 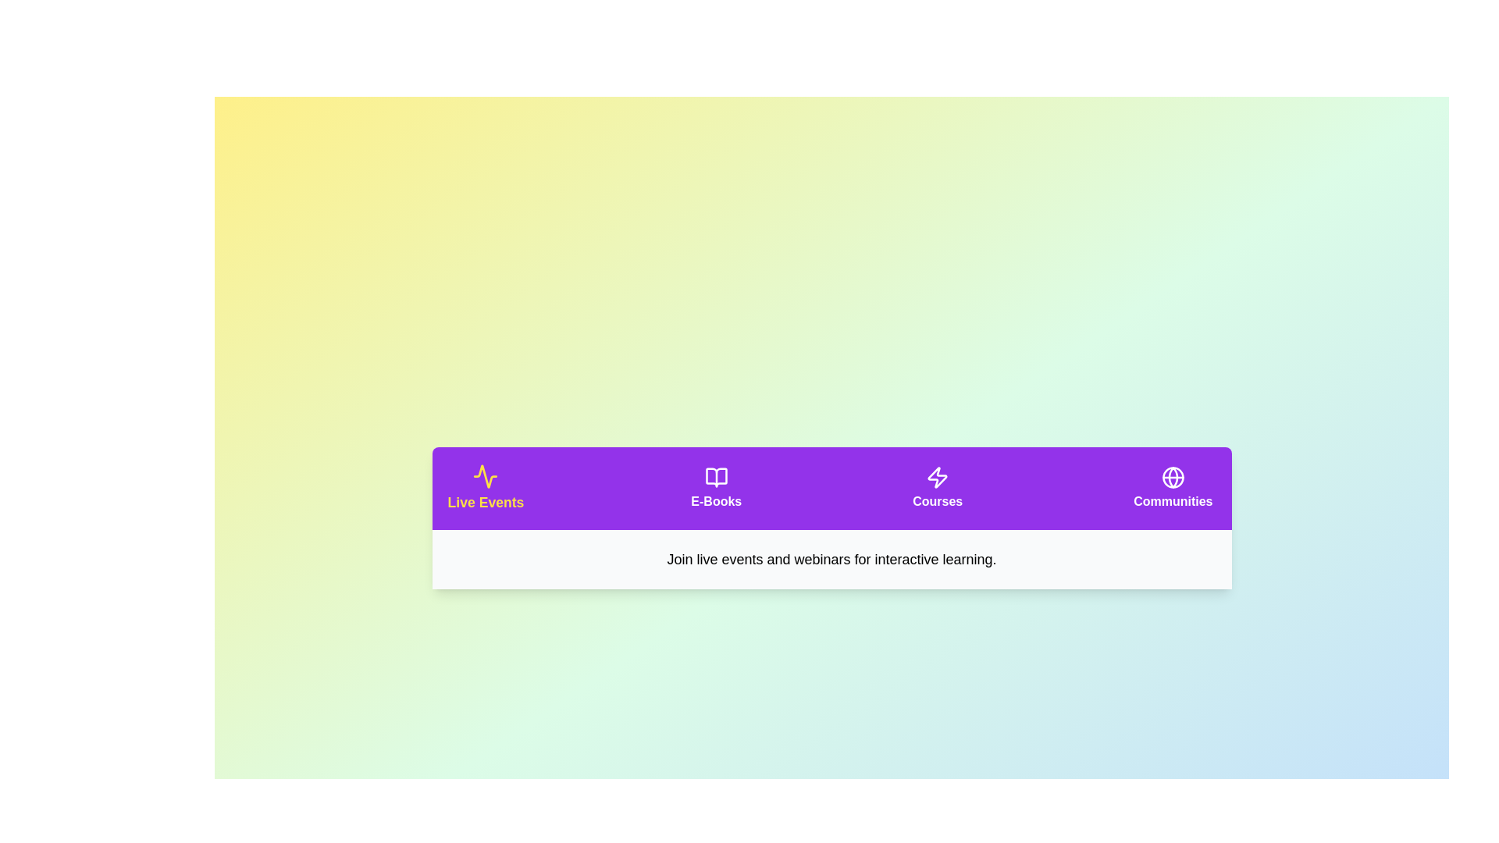 I want to click on the tab button labeled Communities to observe its visual effect, so click(x=1173, y=487).